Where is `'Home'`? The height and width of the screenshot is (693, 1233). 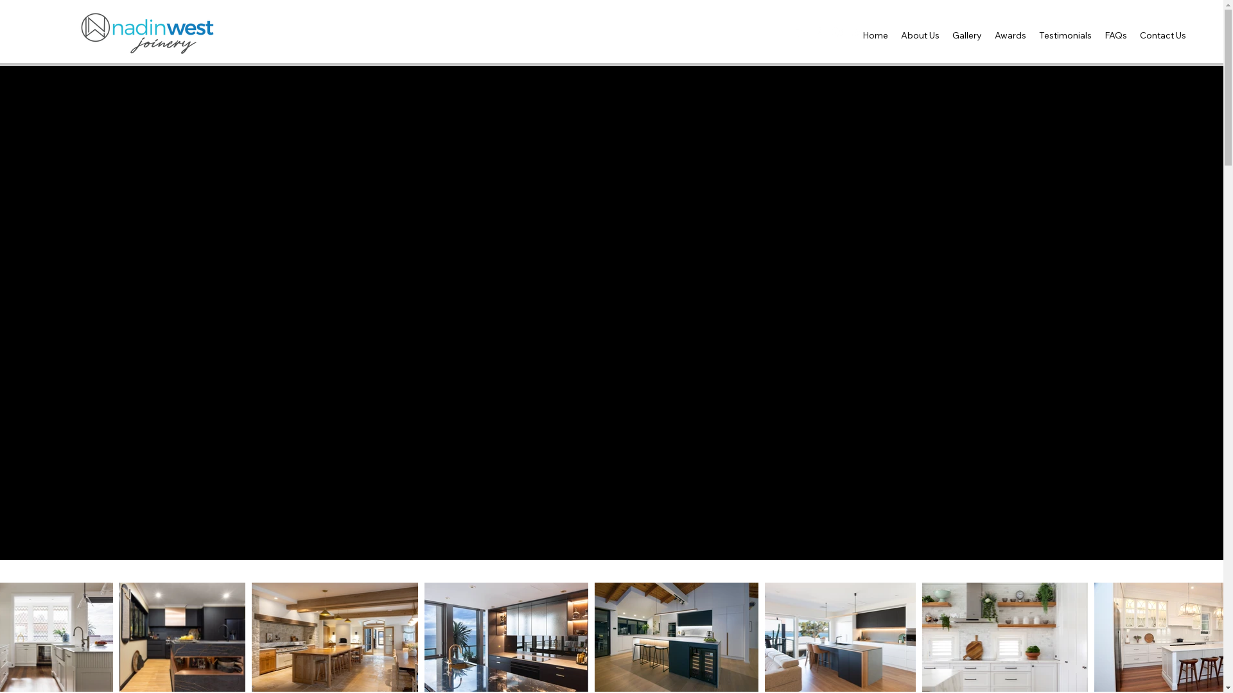
'Home' is located at coordinates (856, 34).